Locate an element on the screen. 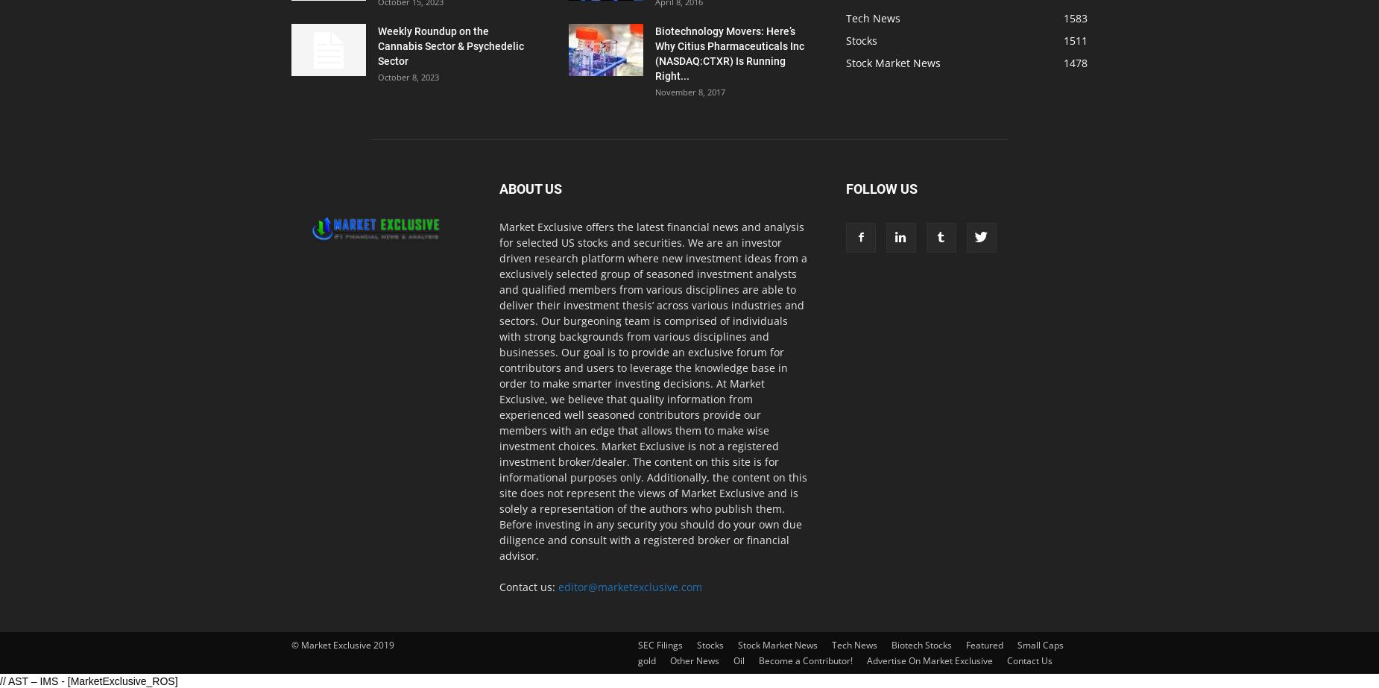 The width and height of the screenshot is (1379, 688). 'Stock Market News' is located at coordinates (892, 63).